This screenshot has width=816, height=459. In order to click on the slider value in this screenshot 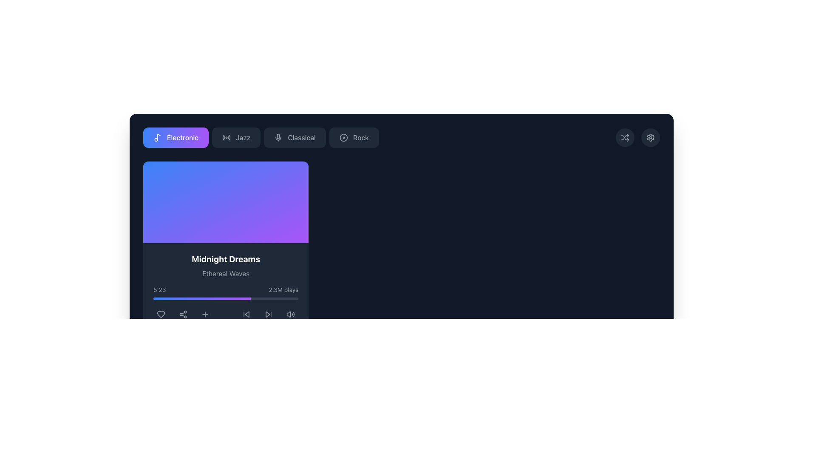, I will do `click(237, 298)`.